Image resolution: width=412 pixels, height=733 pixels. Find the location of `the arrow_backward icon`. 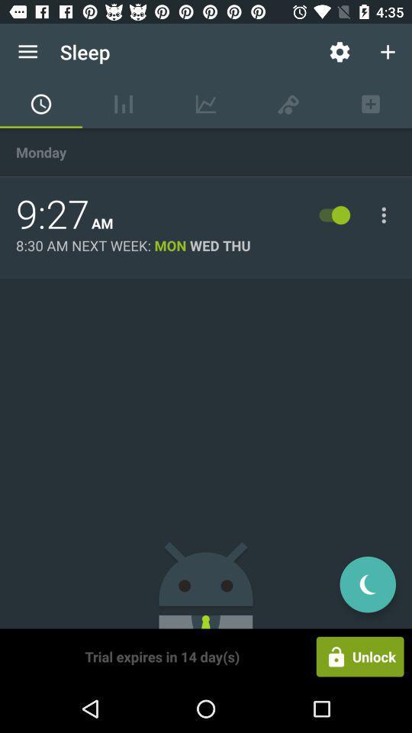

the arrow_backward icon is located at coordinates (367, 583).